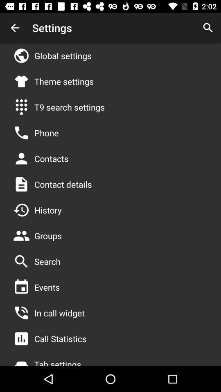 Image resolution: width=221 pixels, height=392 pixels. What do you see at coordinates (63, 184) in the screenshot?
I see `the contact details item` at bounding box center [63, 184].